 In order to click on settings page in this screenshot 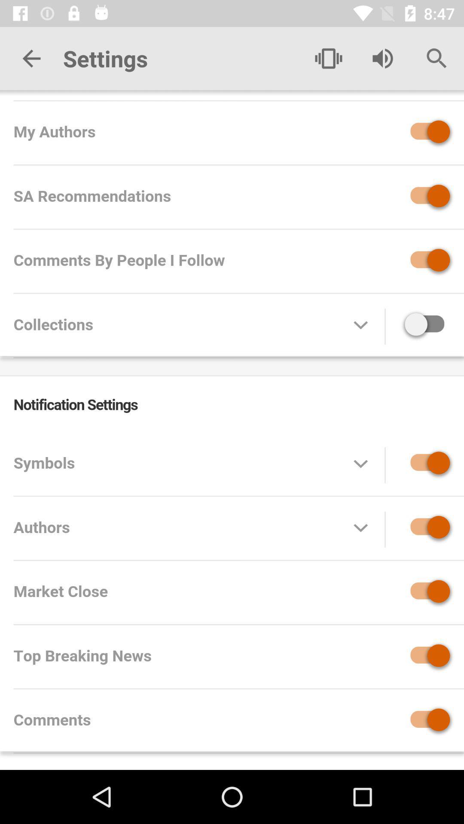, I will do `click(232, 430)`.